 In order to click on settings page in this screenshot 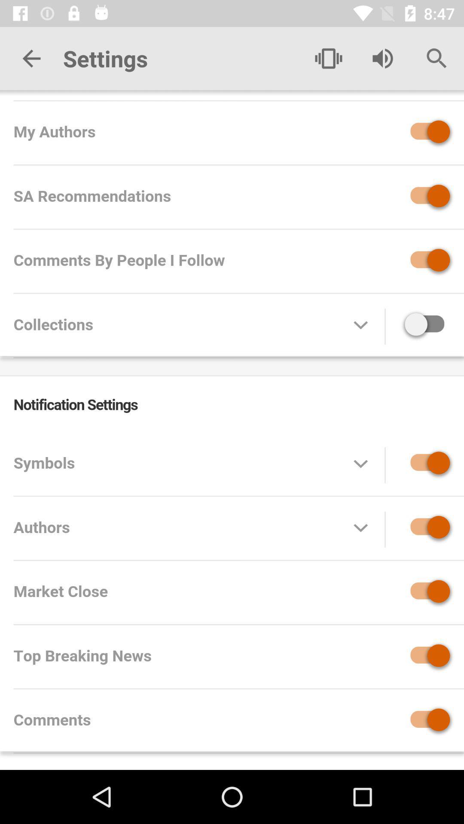, I will do `click(232, 430)`.